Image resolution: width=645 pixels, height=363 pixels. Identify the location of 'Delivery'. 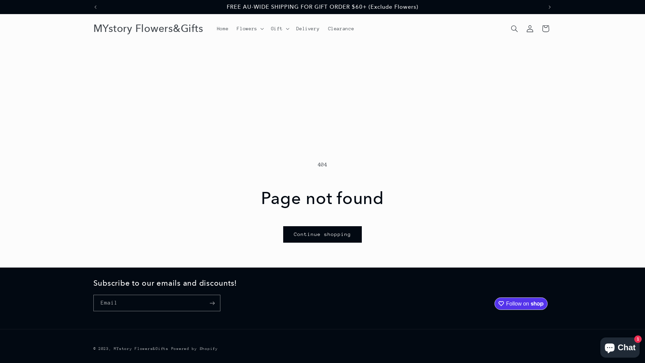
(307, 28).